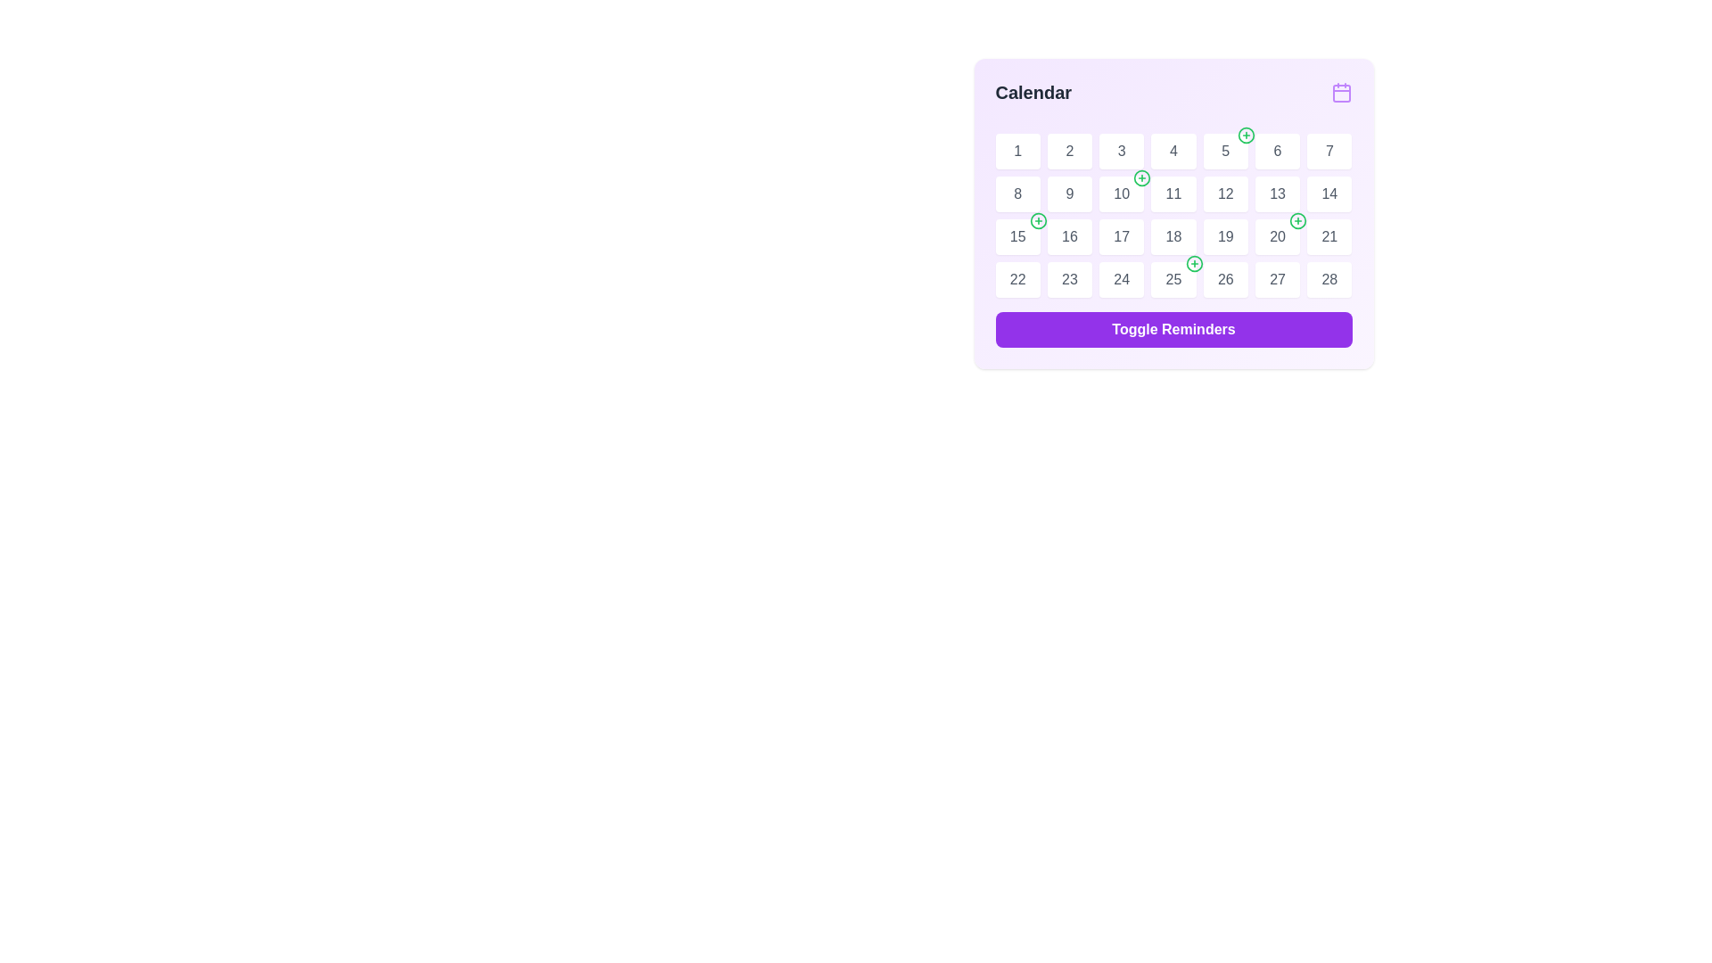 The height and width of the screenshot is (963, 1712). I want to click on the textual representation of the date '27' in the sixth column of the bottom row of the calendar grid, so click(1277, 279).